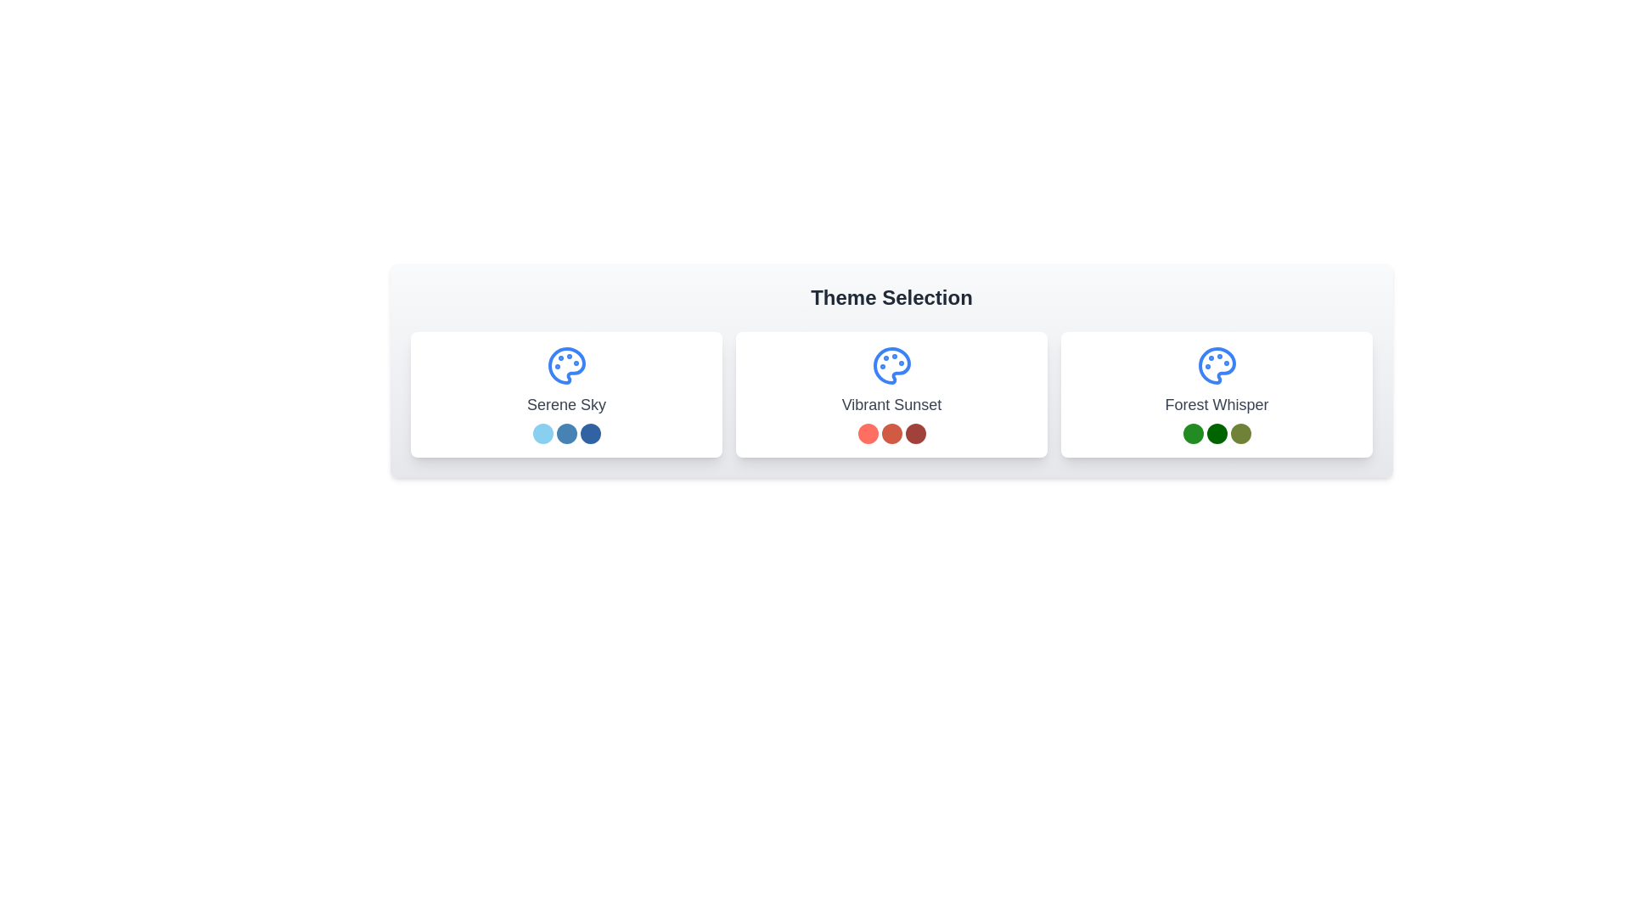 The height and width of the screenshot is (917, 1630). I want to click on the 'Serene Sky' theme icon located in the first card of the theme selection, positioned above the text 'Serene Sky' and the set of blue circular indicators, so click(566, 365).